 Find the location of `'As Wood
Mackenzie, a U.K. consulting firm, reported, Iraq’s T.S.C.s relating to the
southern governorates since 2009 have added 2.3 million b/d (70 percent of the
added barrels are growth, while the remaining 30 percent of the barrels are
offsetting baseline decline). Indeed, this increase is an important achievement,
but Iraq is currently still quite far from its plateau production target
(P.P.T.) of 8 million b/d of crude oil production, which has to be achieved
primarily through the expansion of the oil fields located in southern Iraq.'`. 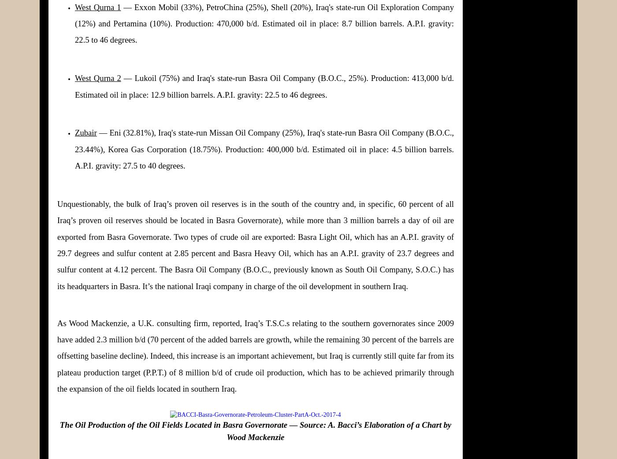

'As Wood
Mackenzie, a U.K. consulting firm, reported, Iraq’s T.S.C.s relating to the
southern governorates since 2009 have added 2.3 million b/d (70 percent of the
added barrels are growth, while the remaining 30 percent of the barrels are
offsetting baseline decline). Indeed, this increase is an important achievement,
but Iraq is currently still quite far from its plateau production target
(P.P.T.) of 8 million b/d of crude oil production, which has to be achieved
primarily through the expansion of the oil fields located in southern Iraq.' is located at coordinates (57, 355).